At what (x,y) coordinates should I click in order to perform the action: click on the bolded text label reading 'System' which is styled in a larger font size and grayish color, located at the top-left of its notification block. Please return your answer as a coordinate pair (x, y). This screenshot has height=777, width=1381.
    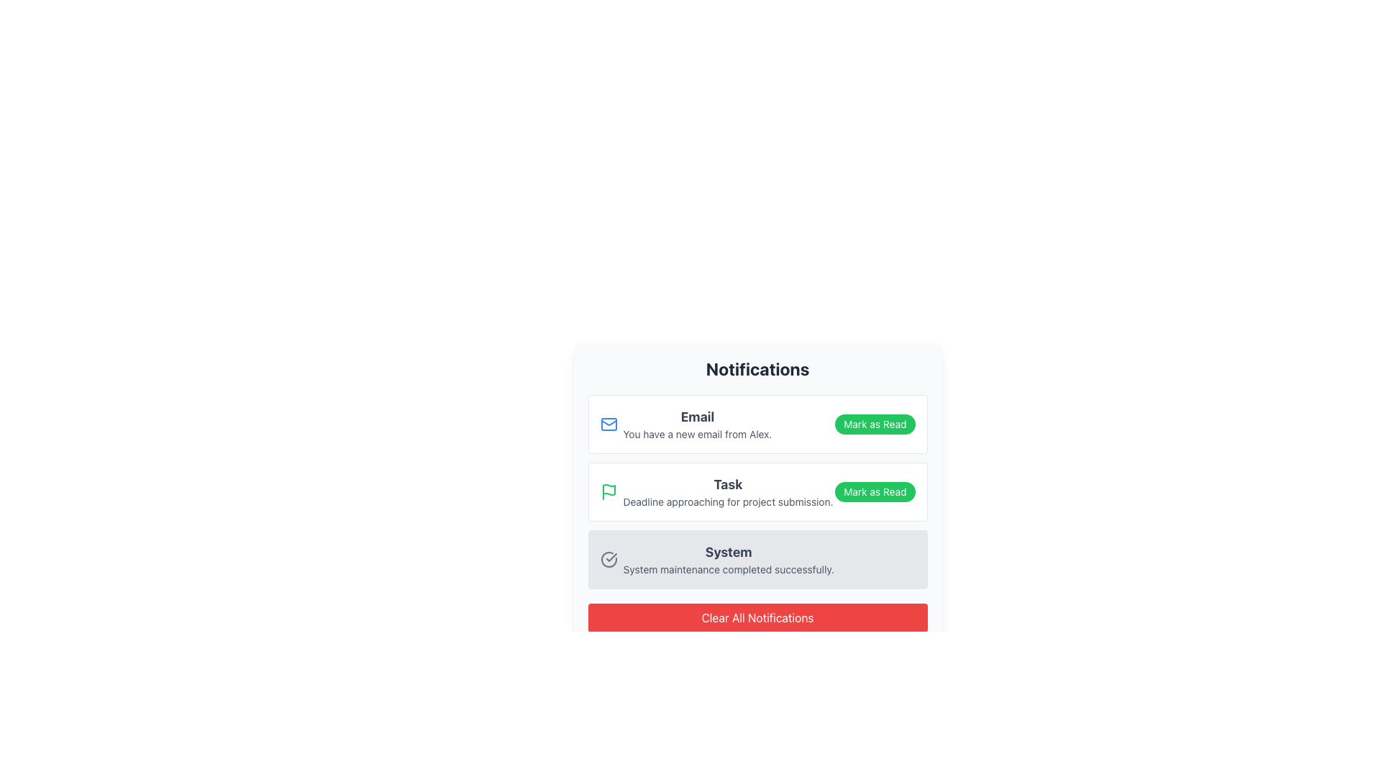
    Looking at the image, I should click on (729, 551).